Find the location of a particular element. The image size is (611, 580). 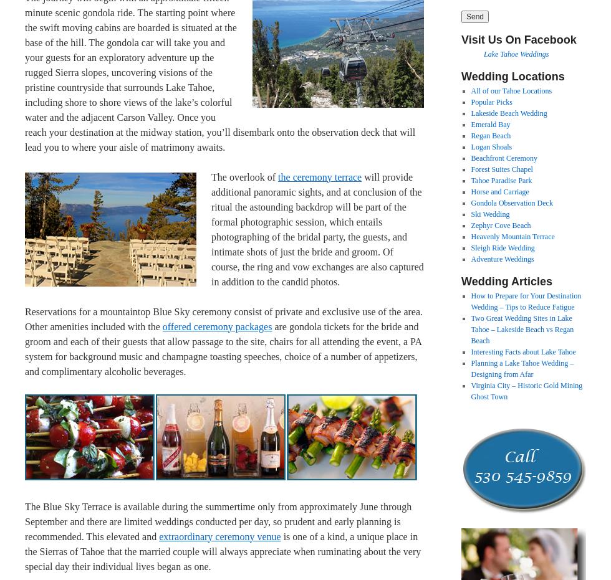

'Visit Us On Facebook' is located at coordinates (461, 39).